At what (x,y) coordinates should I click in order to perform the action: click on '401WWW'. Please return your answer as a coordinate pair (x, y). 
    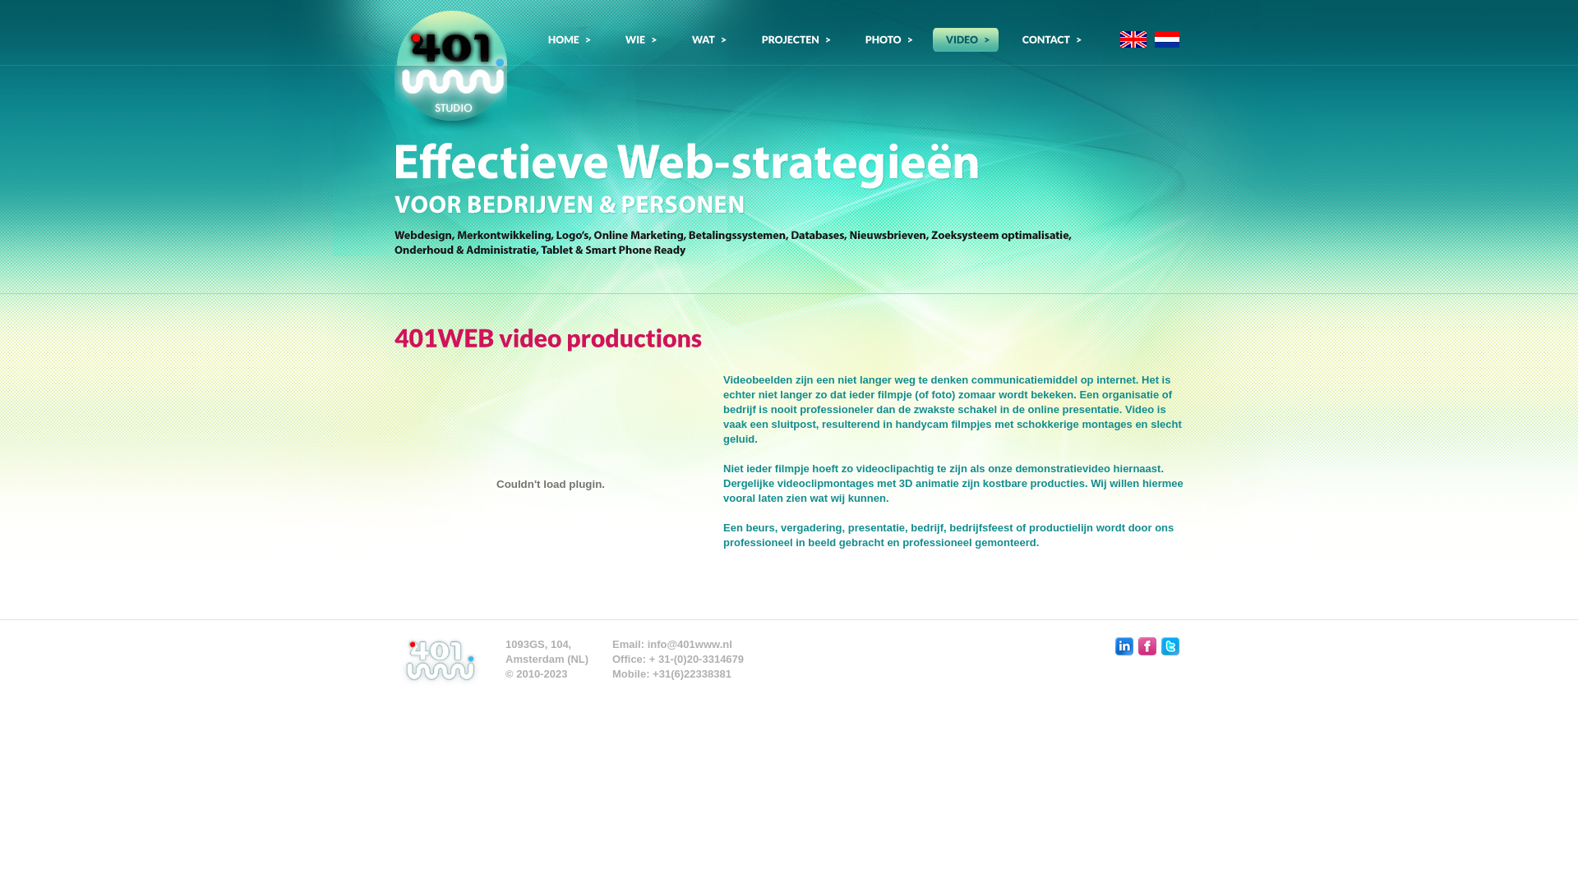
    Looking at the image, I should click on (450, 70).